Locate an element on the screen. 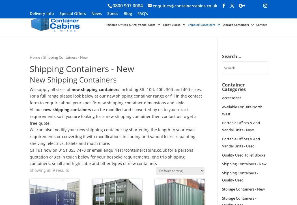  'Specs' is located at coordinates (113, 13).